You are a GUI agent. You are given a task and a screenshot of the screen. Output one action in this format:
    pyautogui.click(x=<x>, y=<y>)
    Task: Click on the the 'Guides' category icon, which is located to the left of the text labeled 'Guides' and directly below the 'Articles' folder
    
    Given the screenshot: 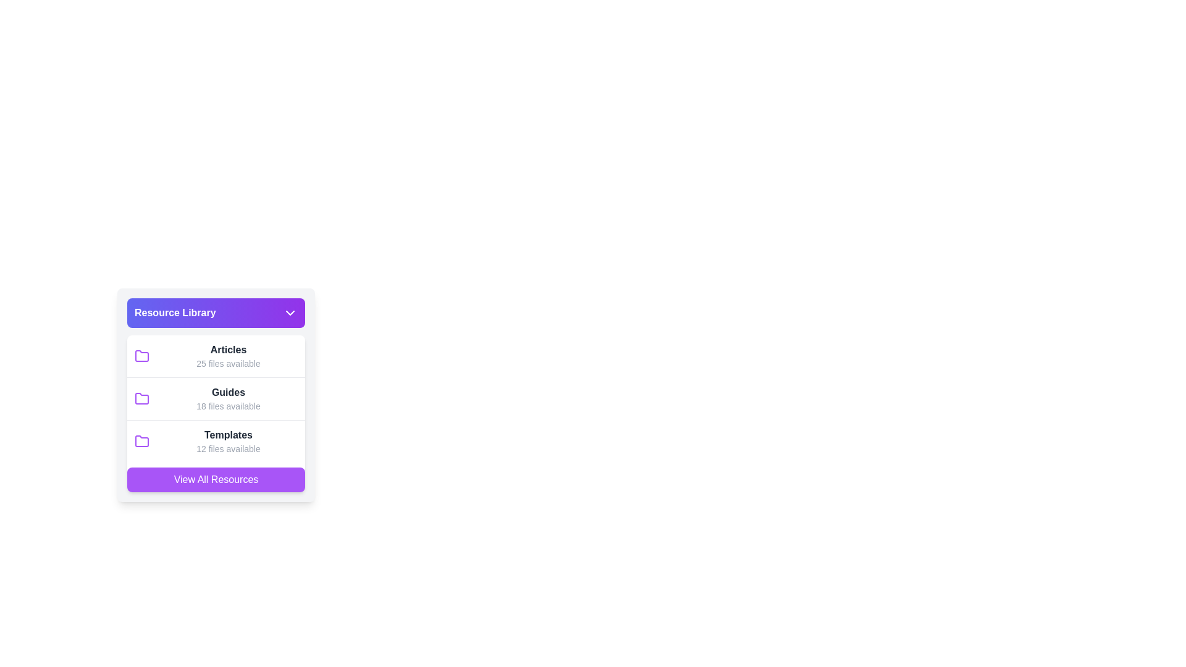 What is the action you would take?
    pyautogui.click(x=142, y=398)
    